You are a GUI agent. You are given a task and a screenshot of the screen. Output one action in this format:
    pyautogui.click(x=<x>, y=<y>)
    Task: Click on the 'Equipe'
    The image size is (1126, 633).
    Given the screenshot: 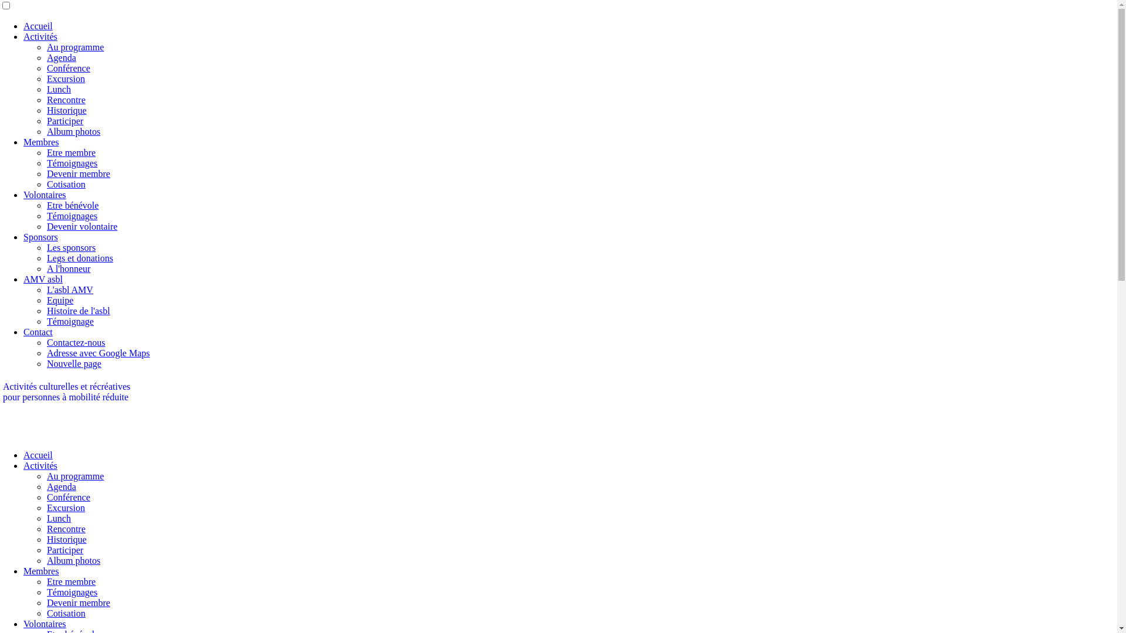 What is the action you would take?
    pyautogui.click(x=59, y=300)
    